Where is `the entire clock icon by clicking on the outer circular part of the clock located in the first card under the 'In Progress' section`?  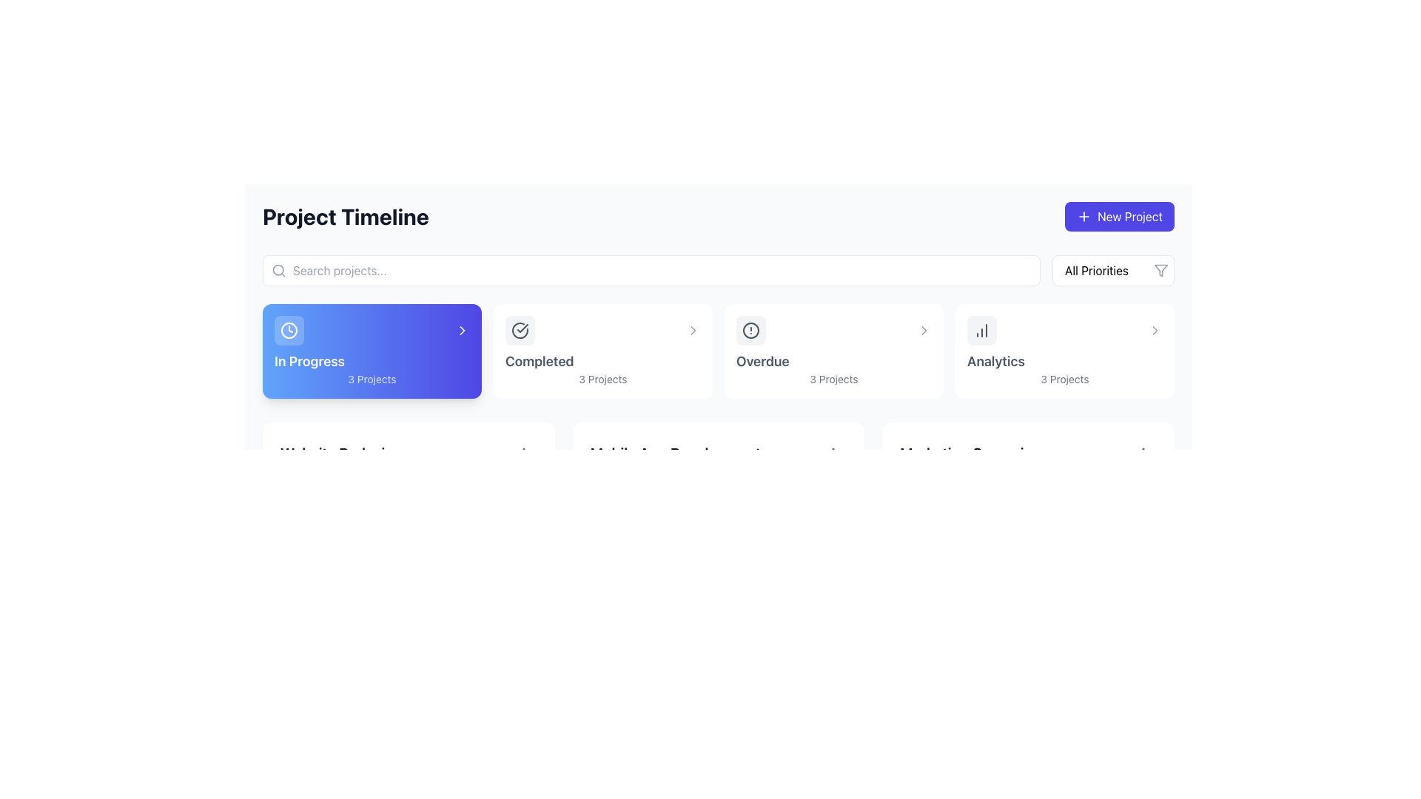 the entire clock icon by clicking on the outer circular part of the clock located in the first card under the 'In Progress' section is located at coordinates (289, 330).